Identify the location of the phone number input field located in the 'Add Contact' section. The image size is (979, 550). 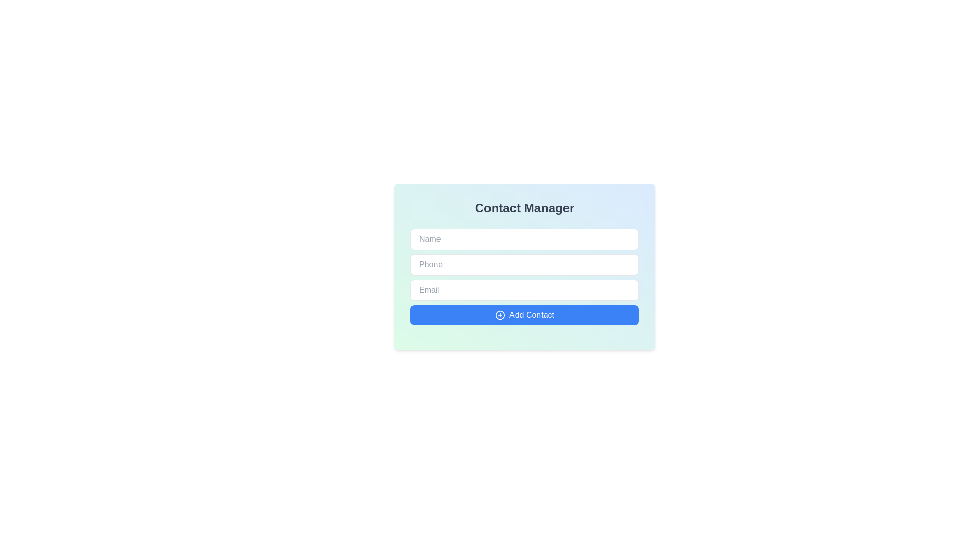
(524, 264).